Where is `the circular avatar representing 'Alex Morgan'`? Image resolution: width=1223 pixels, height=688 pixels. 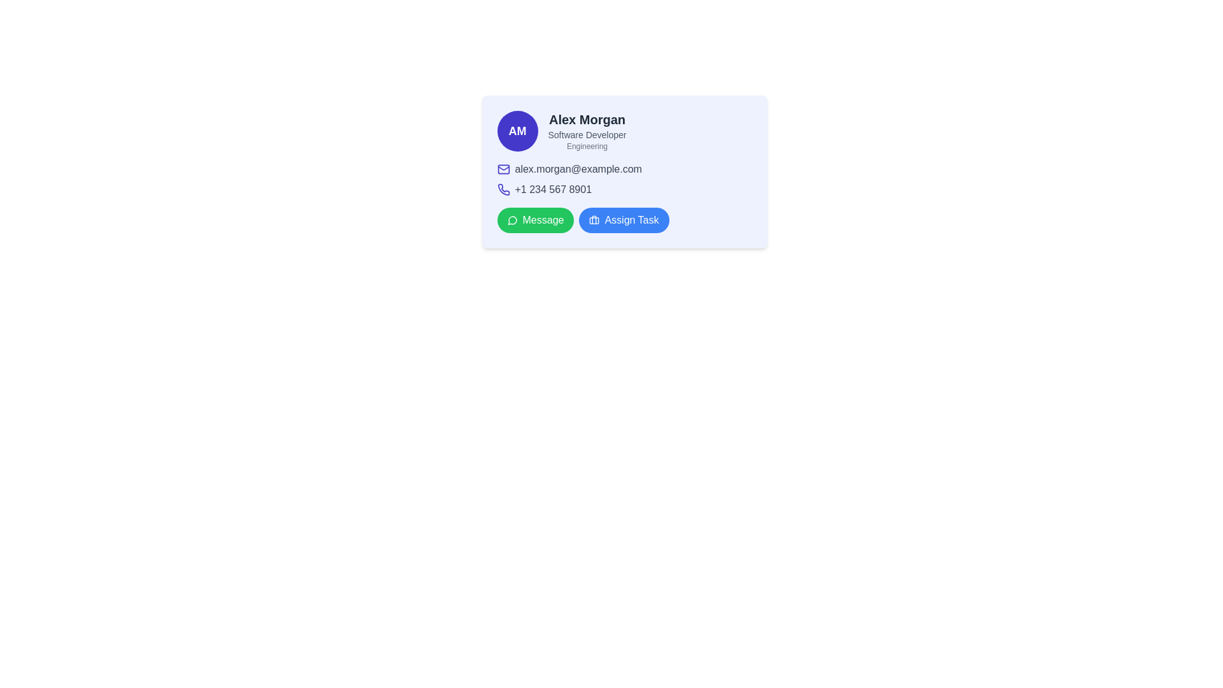 the circular avatar representing 'Alex Morgan' is located at coordinates (517, 131).